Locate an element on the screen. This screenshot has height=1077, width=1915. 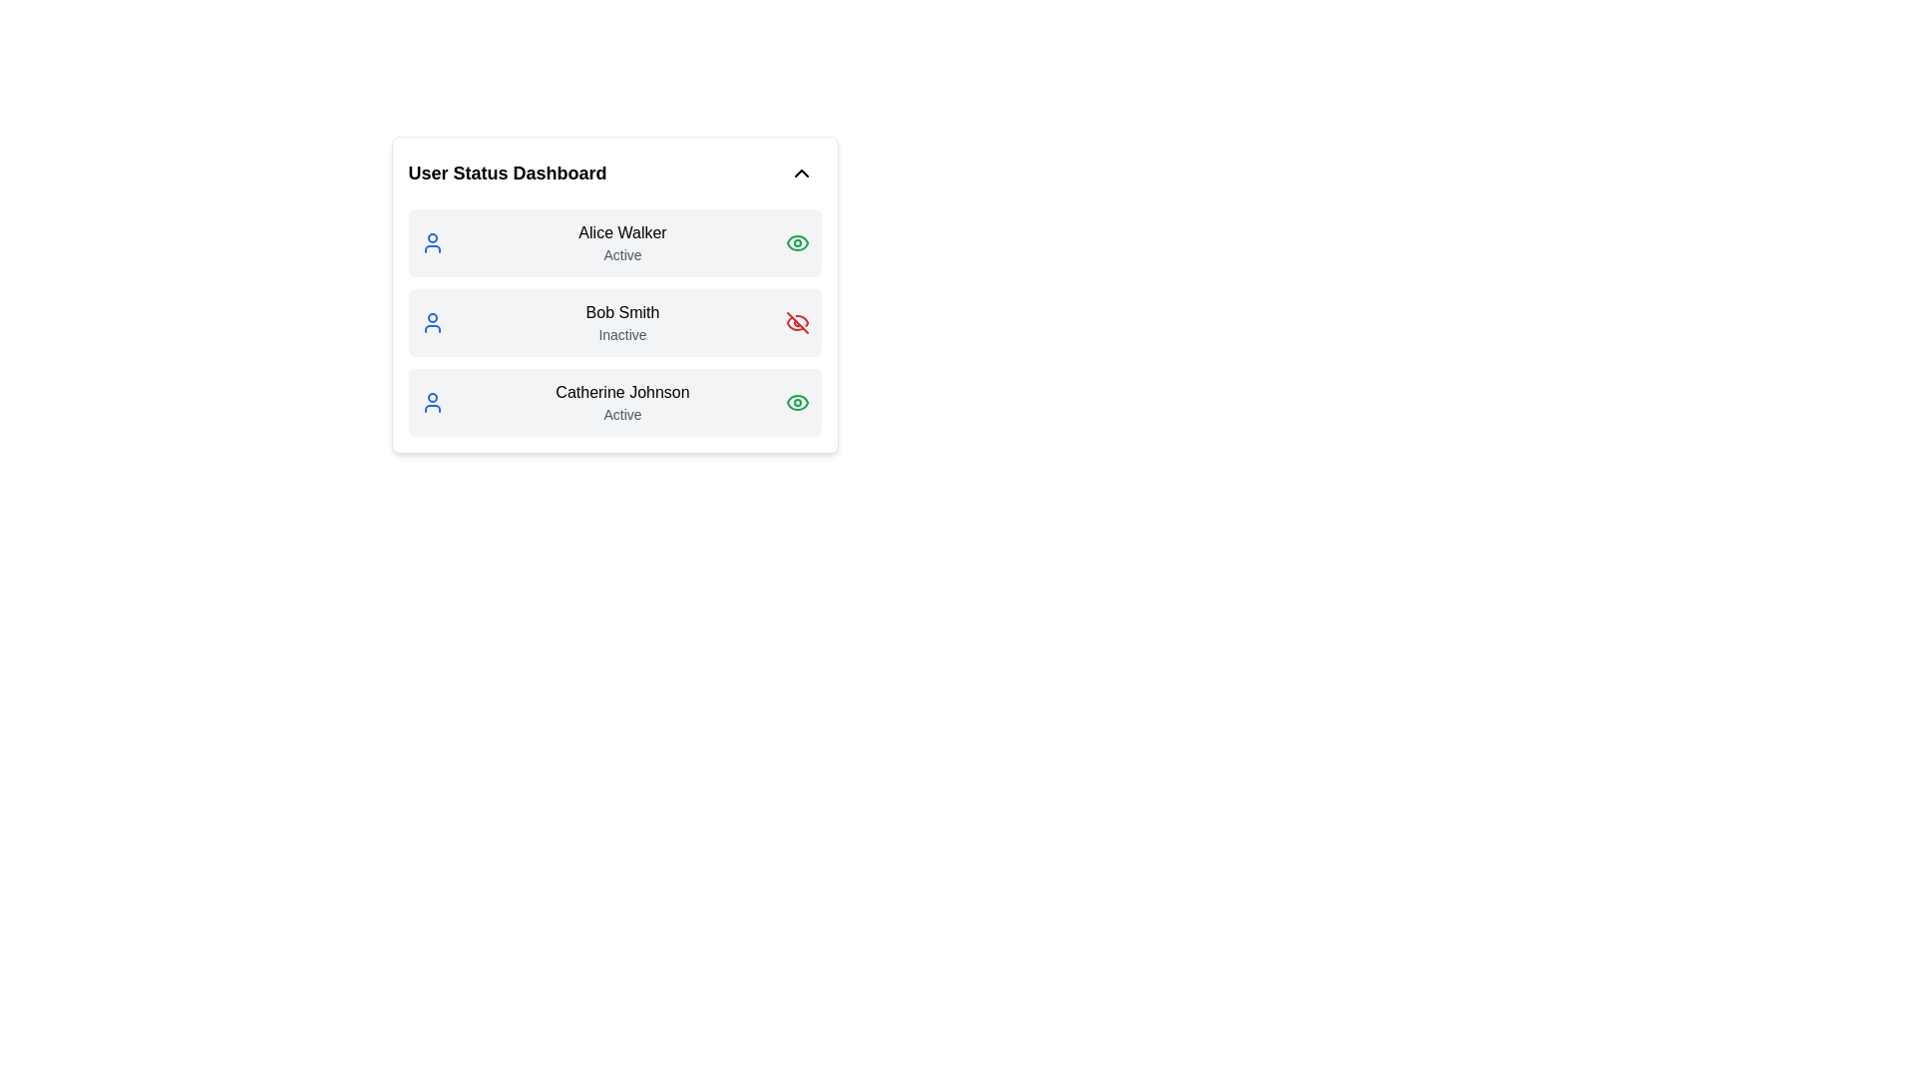
the text display element that shows 'Alice Walker' prominently above 'Active' is located at coordinates (621, 241).